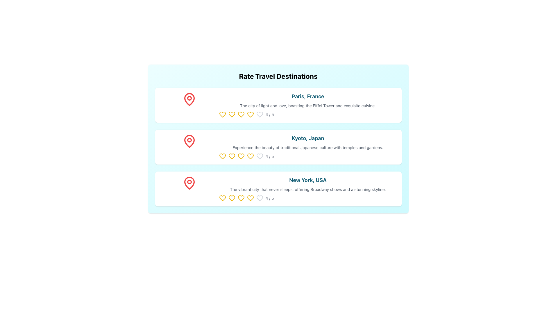  Describe the element at coordinates (189, 181) in the screenshot. I see `the small circular element within the map pin icon located near the text 'New York, USA'` at that location.